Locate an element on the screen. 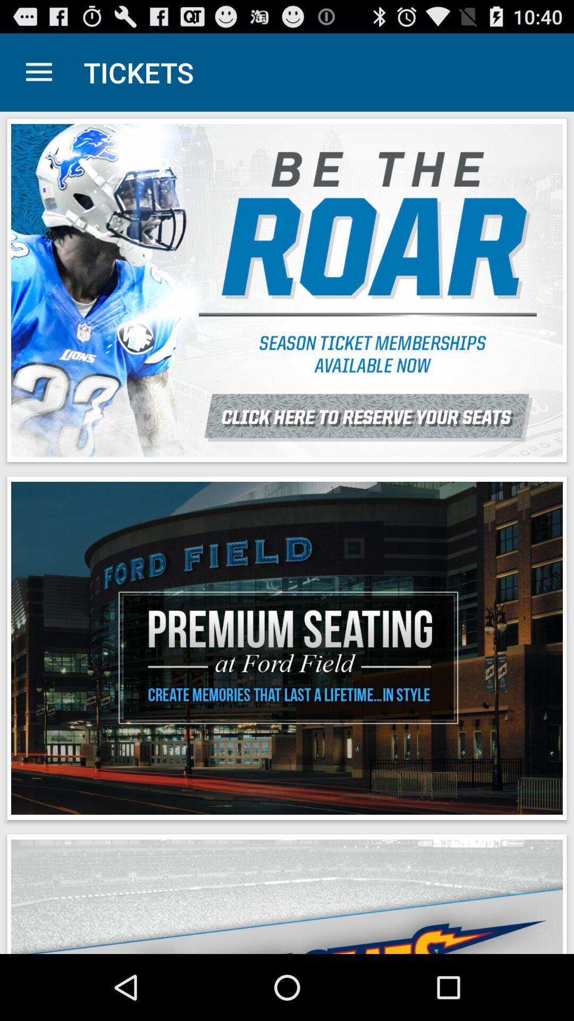 This screenshot has height=1021, width=574. app next to tickets icon is located at coordinates (38, 72).